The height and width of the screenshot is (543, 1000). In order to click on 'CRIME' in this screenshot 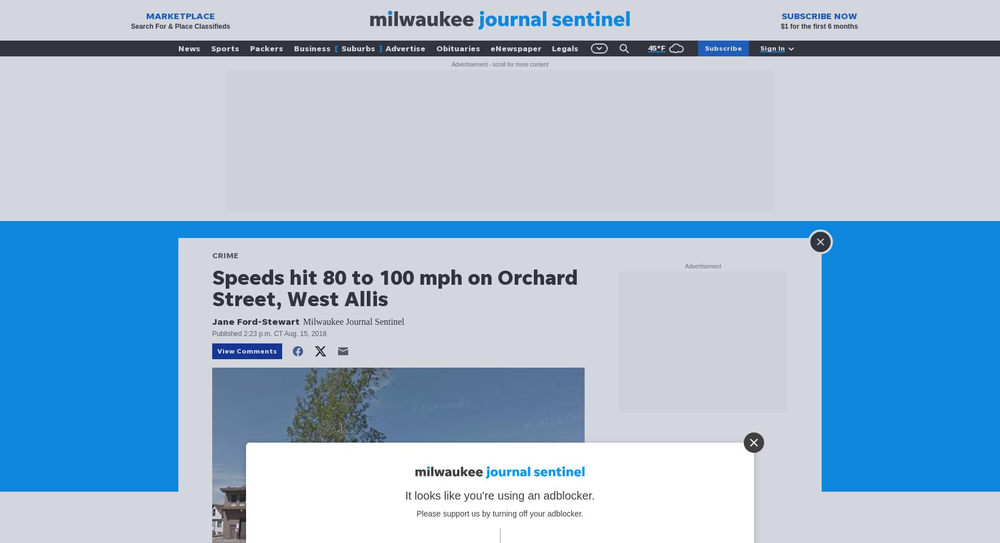, I will do `click(225, 254)`.